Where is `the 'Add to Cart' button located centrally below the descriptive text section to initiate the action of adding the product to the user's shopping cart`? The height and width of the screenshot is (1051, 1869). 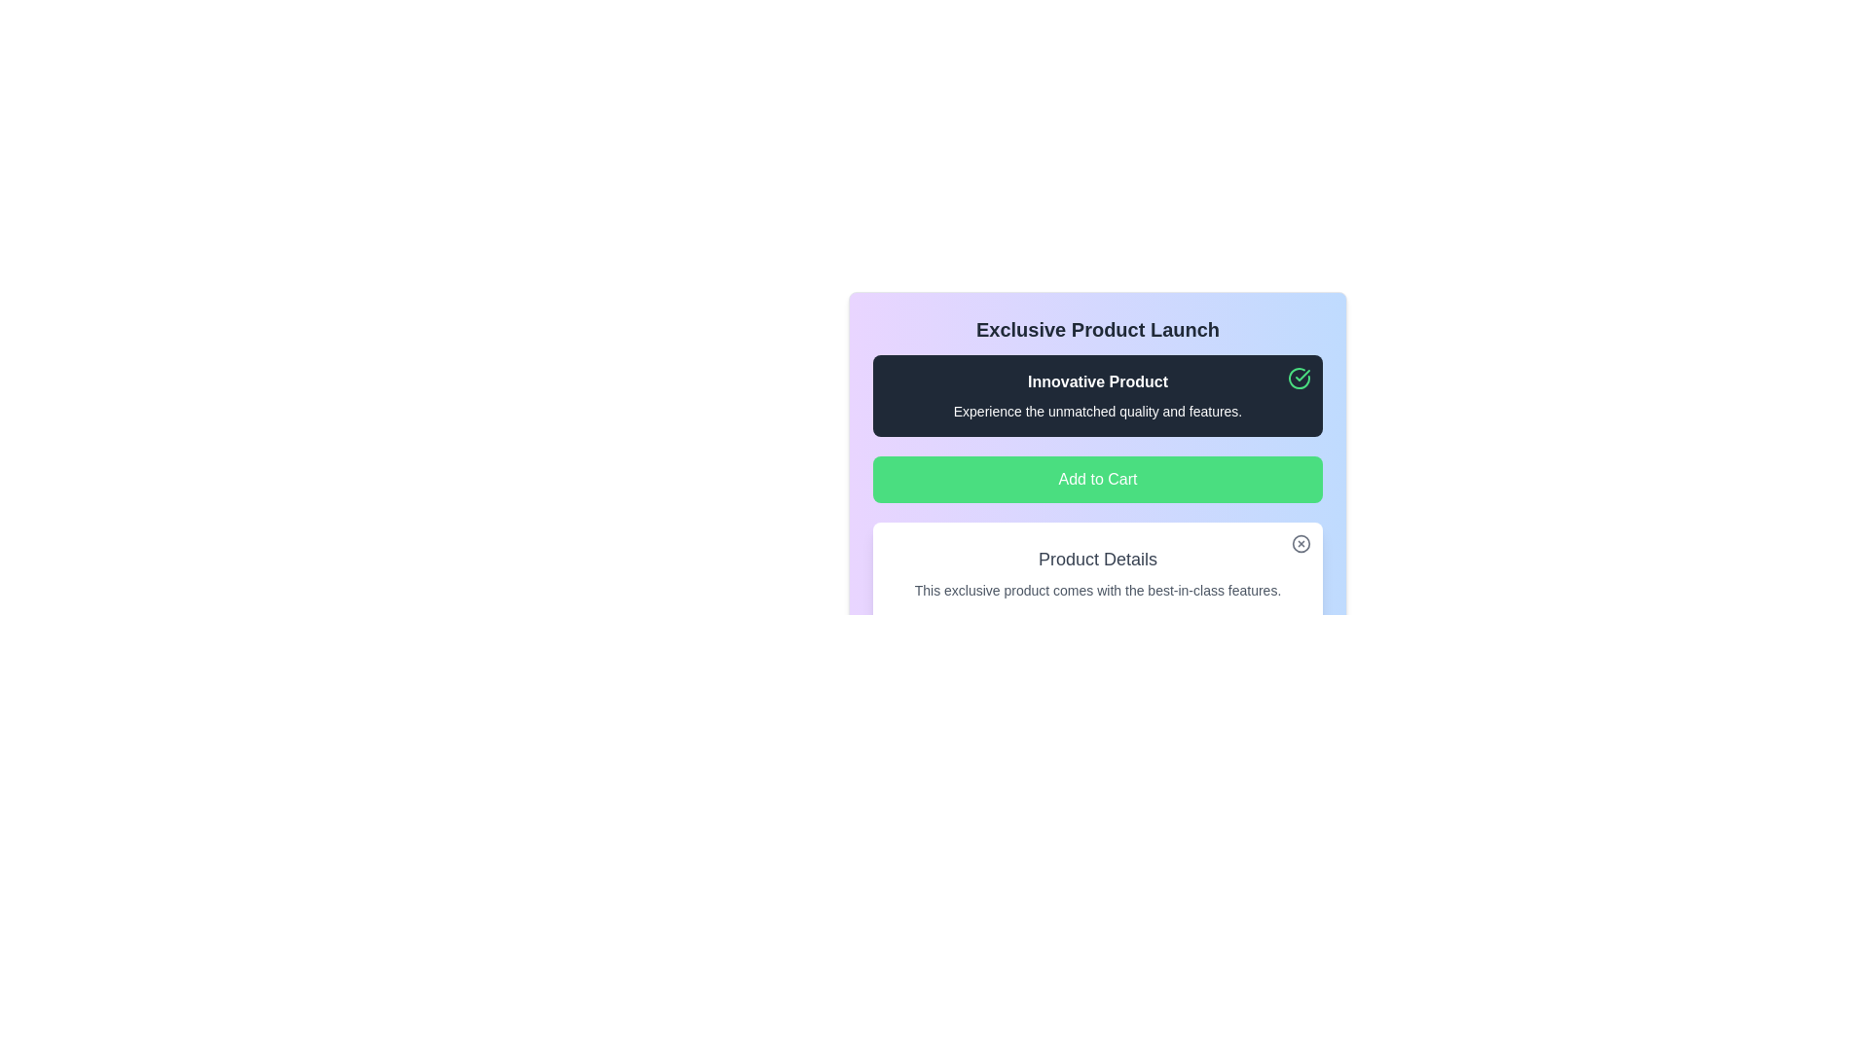 the 'Add to Cart' button located centrally below the descriptive text section to initiate the action of adding the product to the user's shopping cart is located at coordinates (1098, 480).